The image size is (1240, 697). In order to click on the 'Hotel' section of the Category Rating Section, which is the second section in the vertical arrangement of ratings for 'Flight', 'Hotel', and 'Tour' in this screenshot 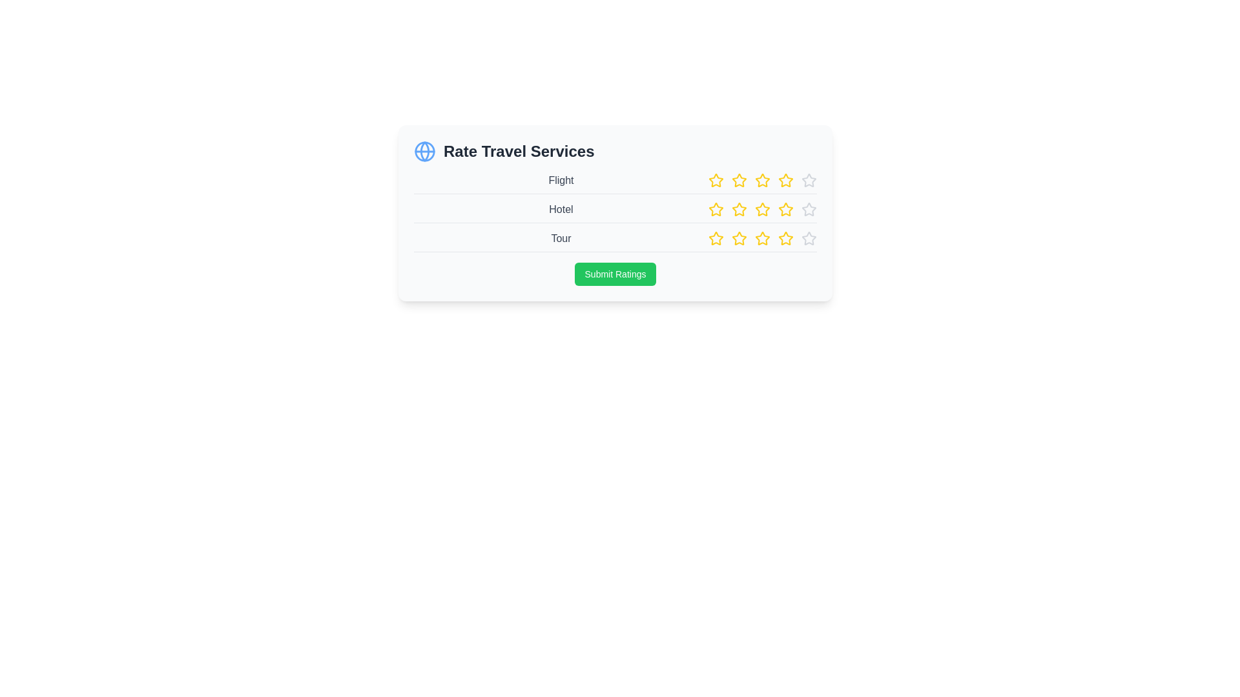, I will do `click(615, 212)`.